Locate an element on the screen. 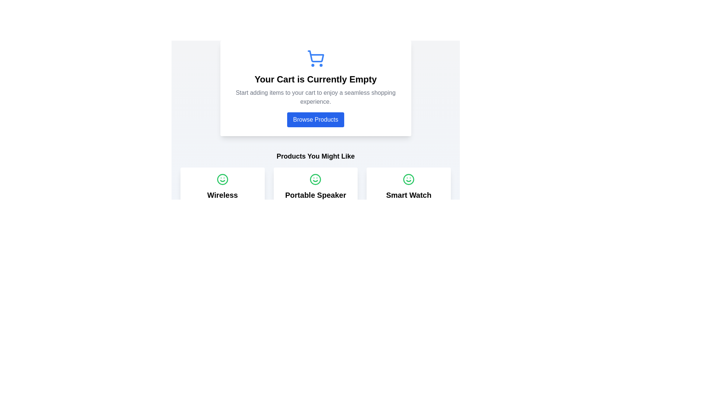  the bright blue rectangular button labeled 'Browse Products' is located at coordinates (315, 115).